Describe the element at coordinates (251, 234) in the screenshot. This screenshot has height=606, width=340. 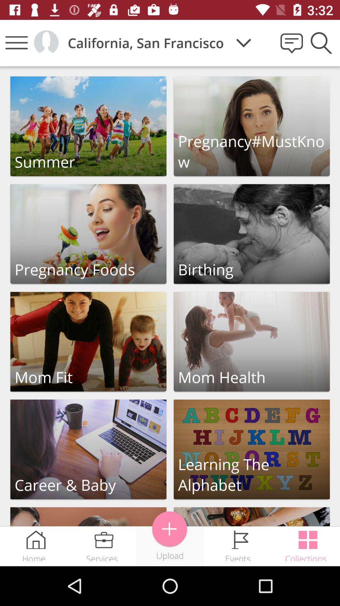
I see `to birthing article` at that location.